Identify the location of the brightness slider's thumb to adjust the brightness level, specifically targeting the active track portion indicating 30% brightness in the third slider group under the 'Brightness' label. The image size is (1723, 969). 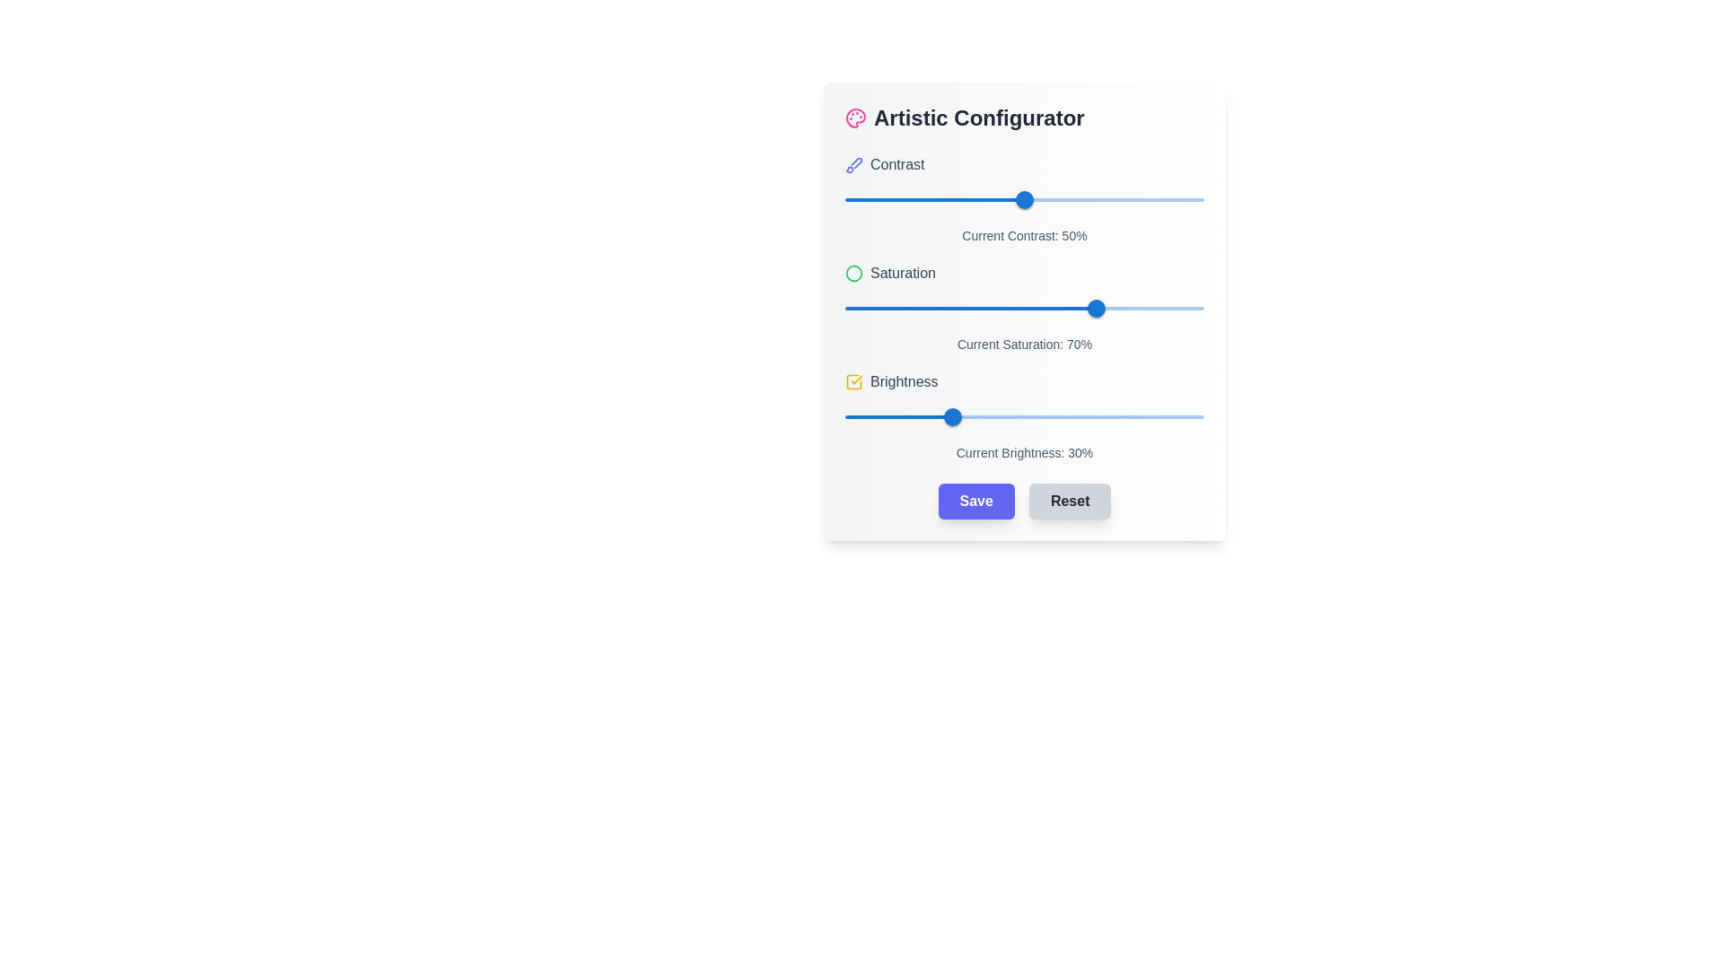
(899, 417).